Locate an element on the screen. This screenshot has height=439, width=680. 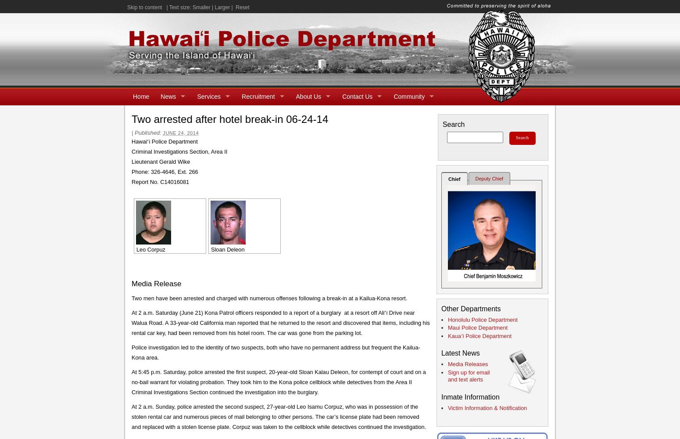
'Media Release' is located at coordinates (156, 283).